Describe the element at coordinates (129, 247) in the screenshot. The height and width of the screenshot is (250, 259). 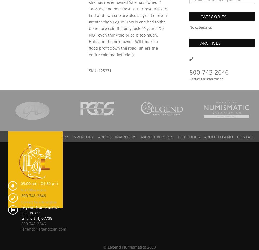
I see `'© Legend Numismatics 2023'` at that location.